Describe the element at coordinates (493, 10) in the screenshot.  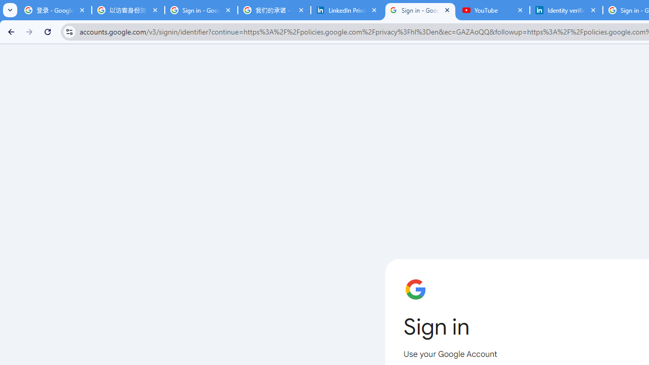
I see `'YouTube'` at that location.